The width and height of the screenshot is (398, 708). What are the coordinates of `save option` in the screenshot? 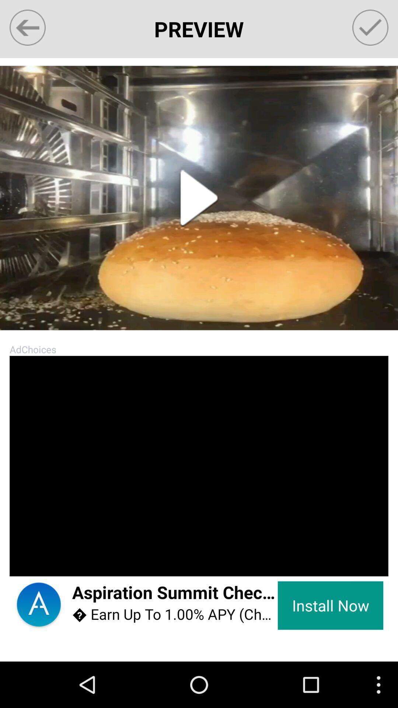 It's located at (370, 28).